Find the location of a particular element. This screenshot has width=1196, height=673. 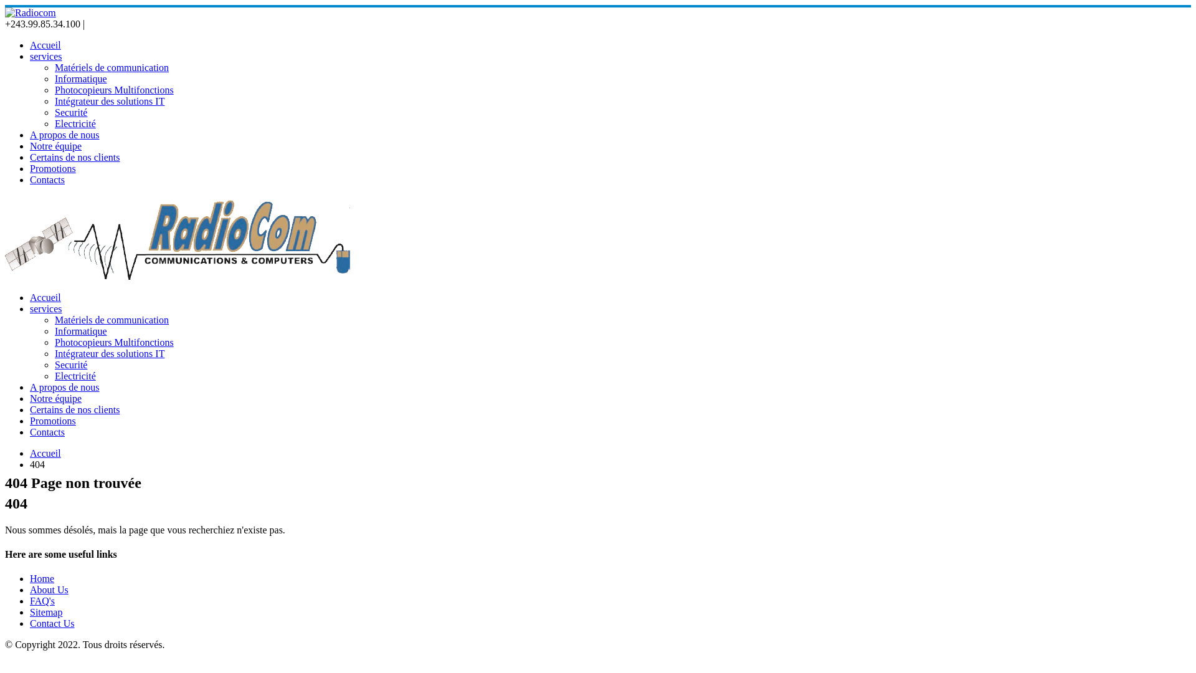

'Accueil' is located at coordinates (45, 44).